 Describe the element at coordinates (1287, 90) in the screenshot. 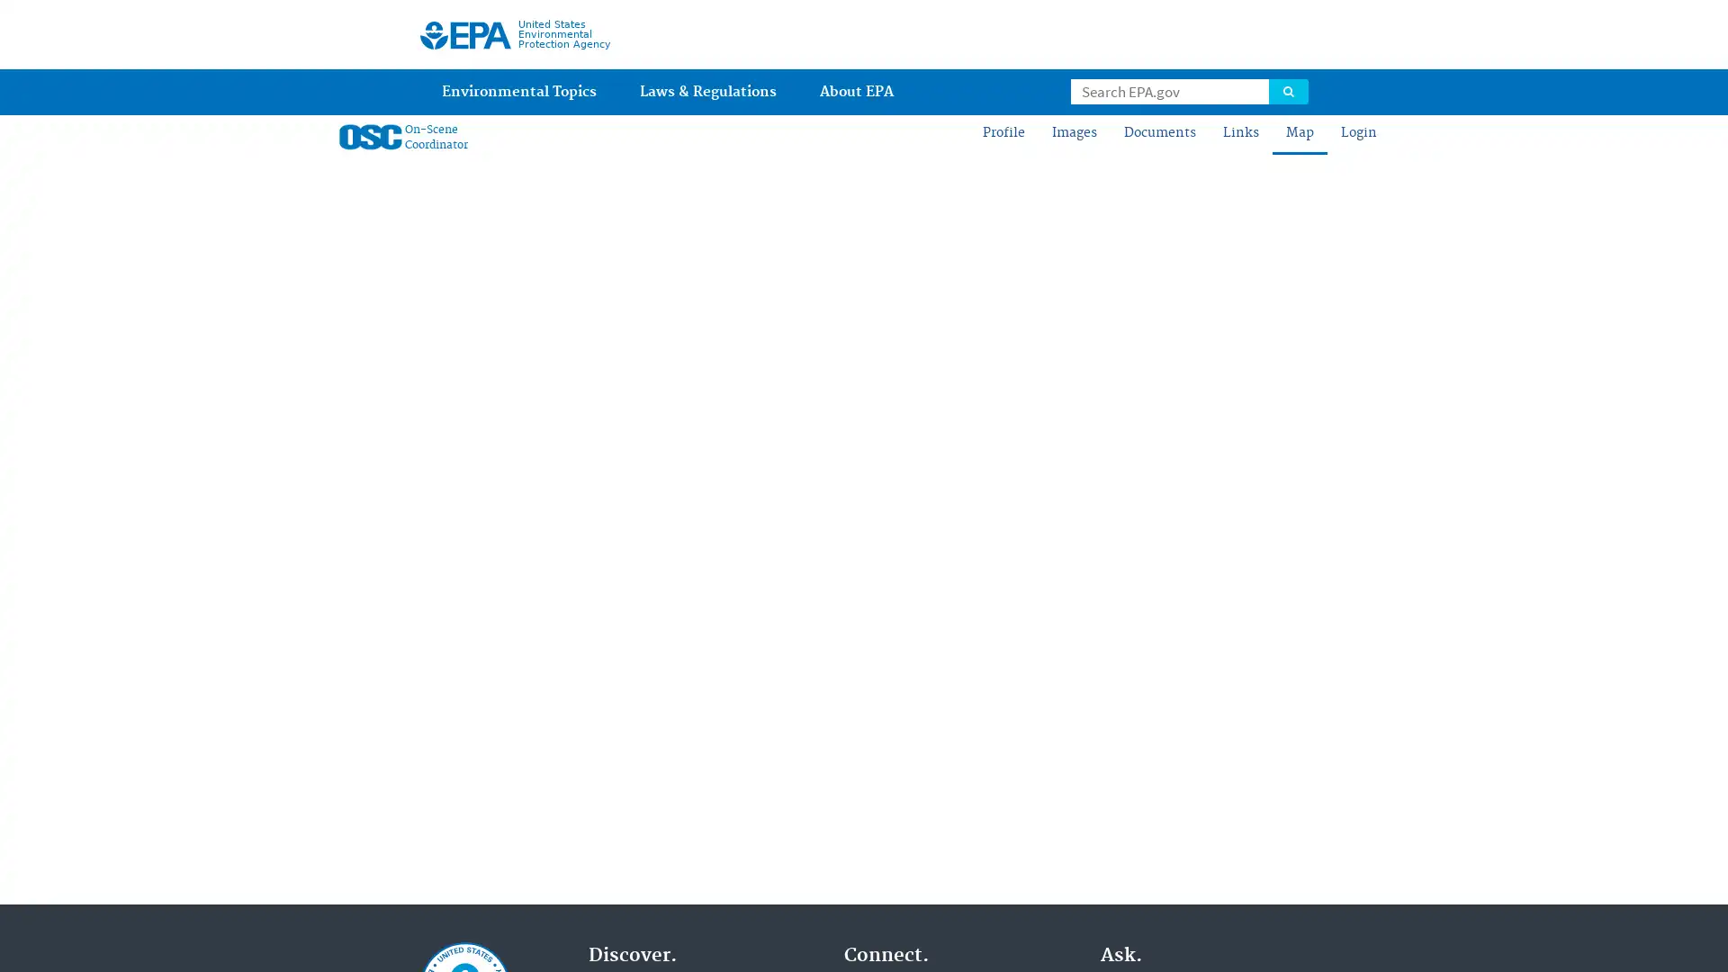

I see `Search` at that location.